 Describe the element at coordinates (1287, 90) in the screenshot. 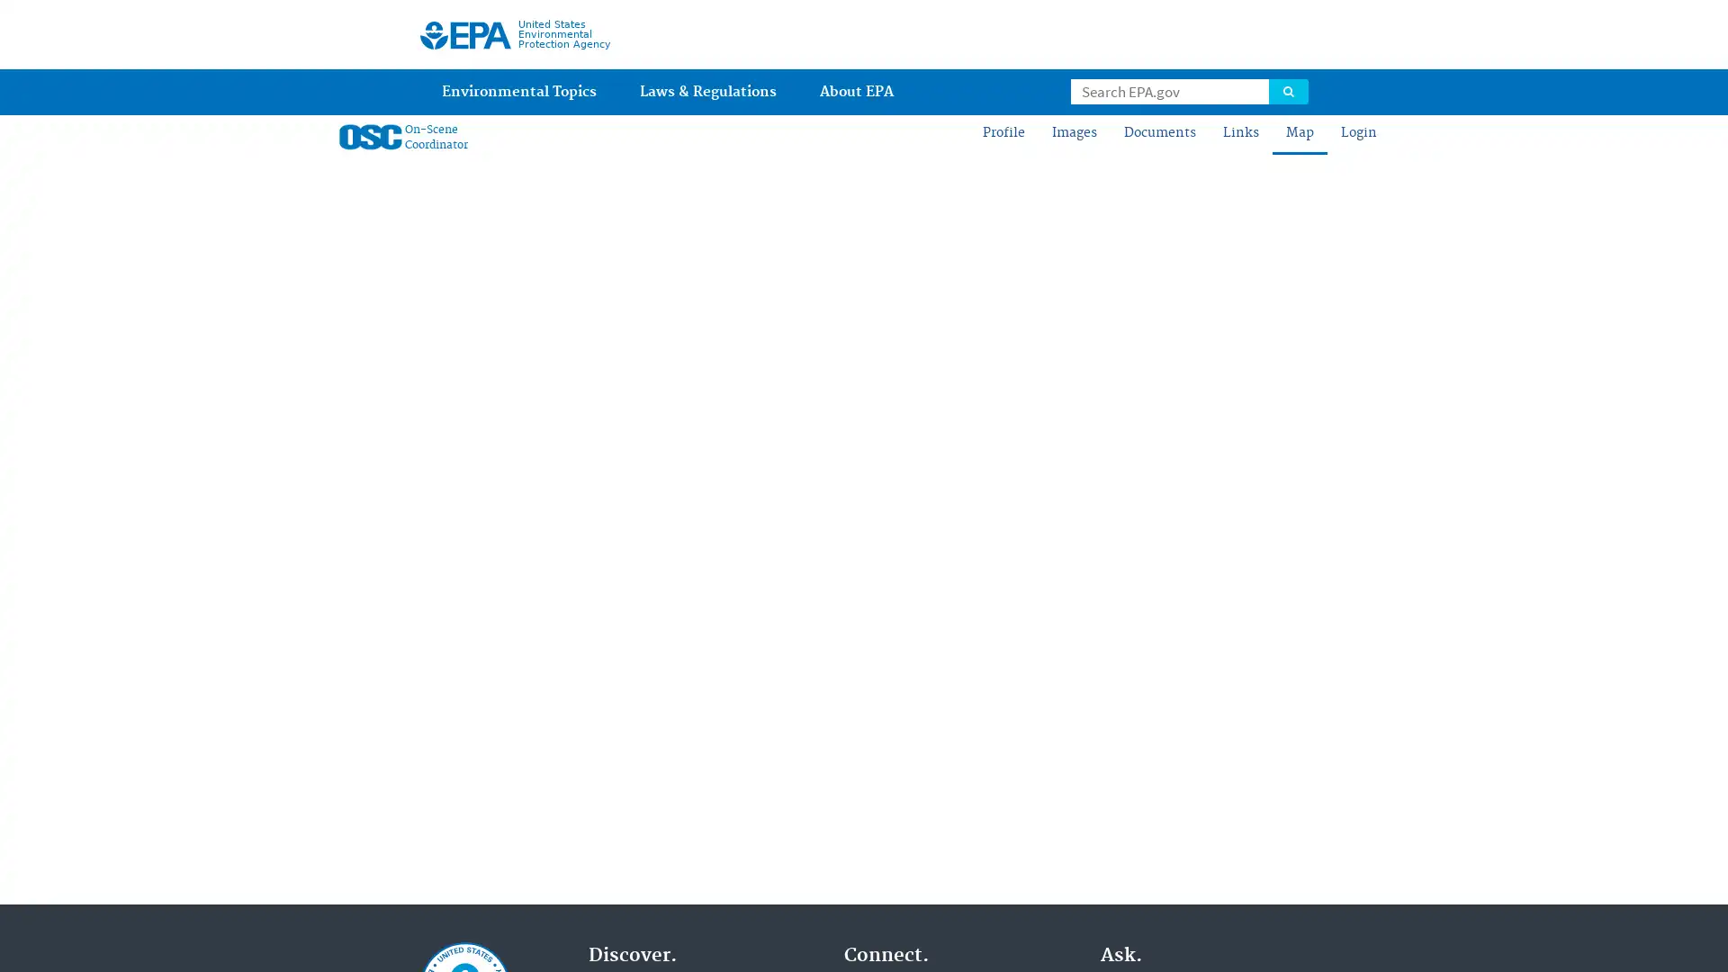

I see `Search` at that location.